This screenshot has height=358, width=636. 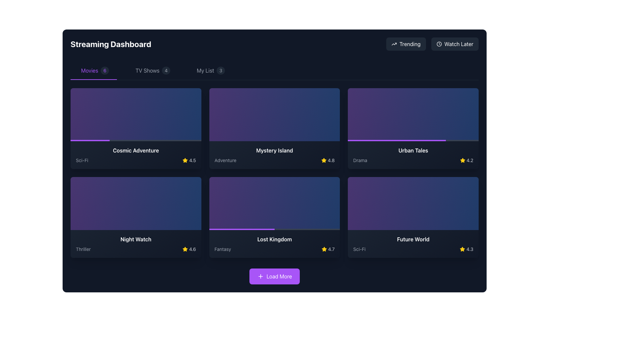 What do you see at coordinates (275, 150) in the screenshot?
I see `the static text label displaying 'Mystery Island' in bold white font, located in the second column of the top row of the grid layout` at bounding box center [275, 150].